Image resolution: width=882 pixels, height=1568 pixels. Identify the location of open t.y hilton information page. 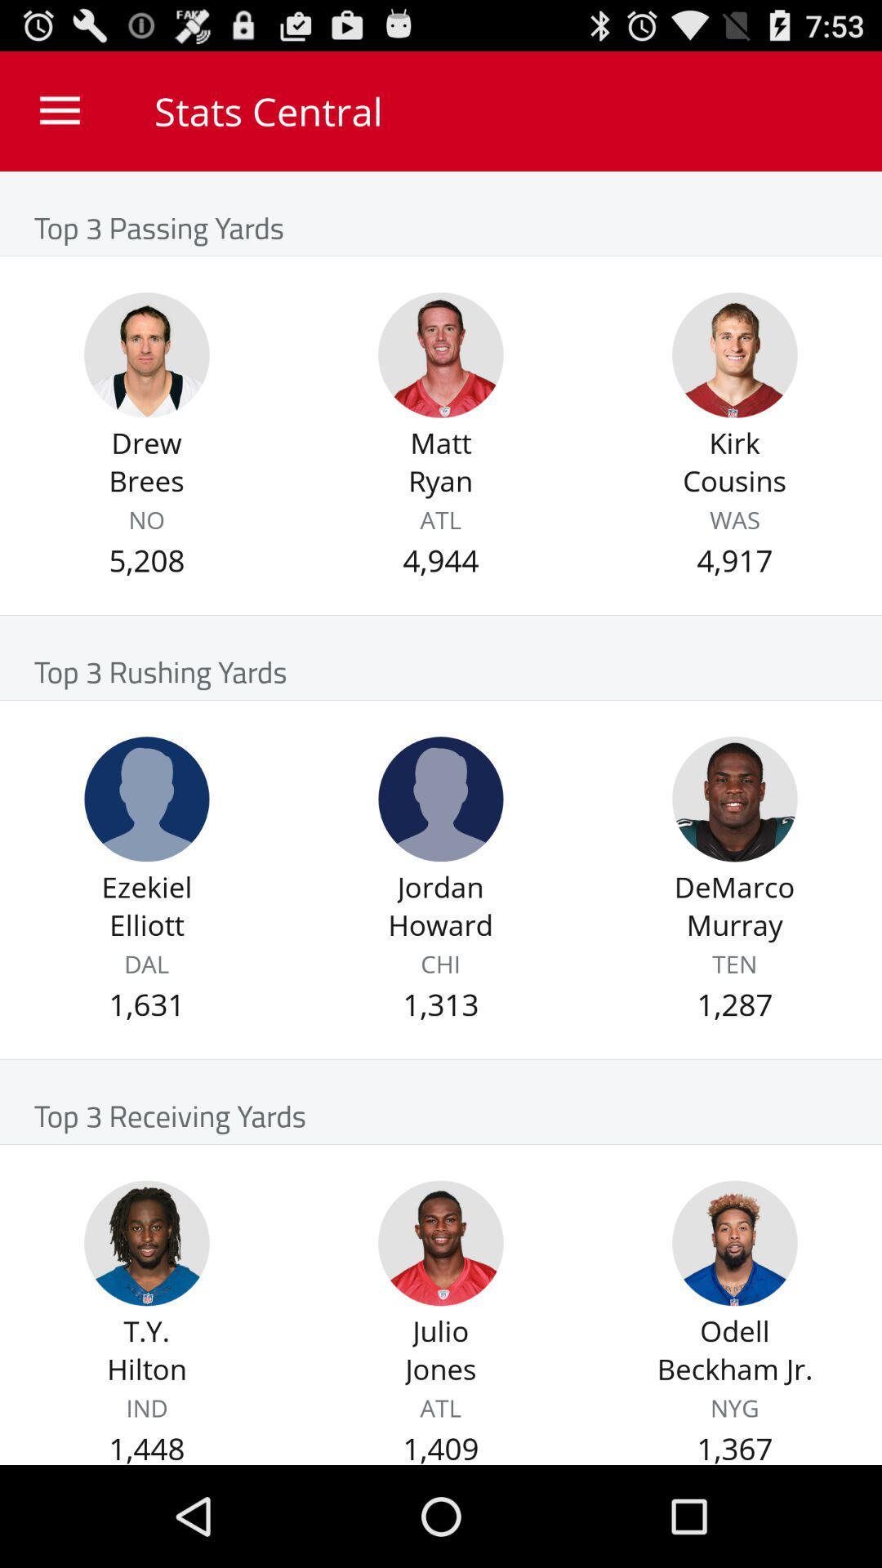
(147, 1242).